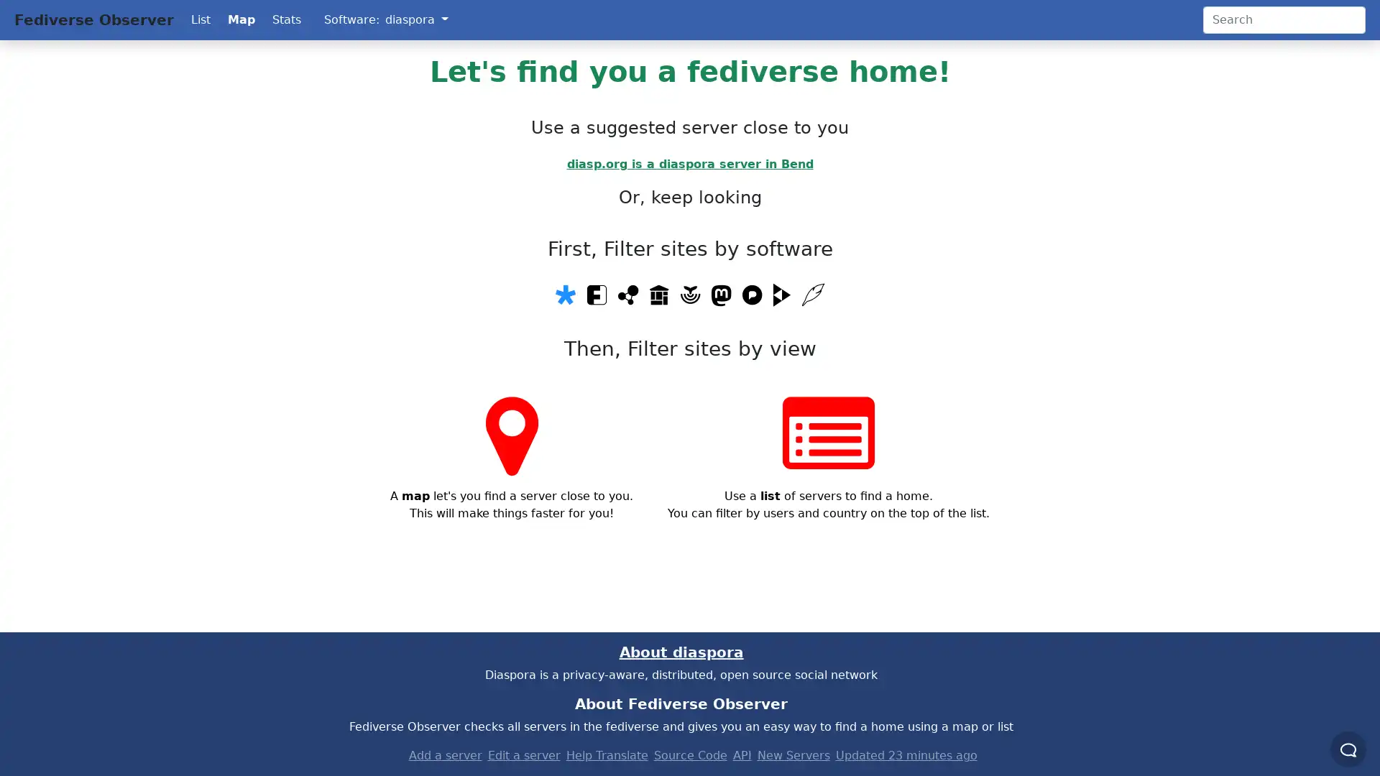 The image size is (1380, 776). I want to click on diaspora, so click(415, 19).